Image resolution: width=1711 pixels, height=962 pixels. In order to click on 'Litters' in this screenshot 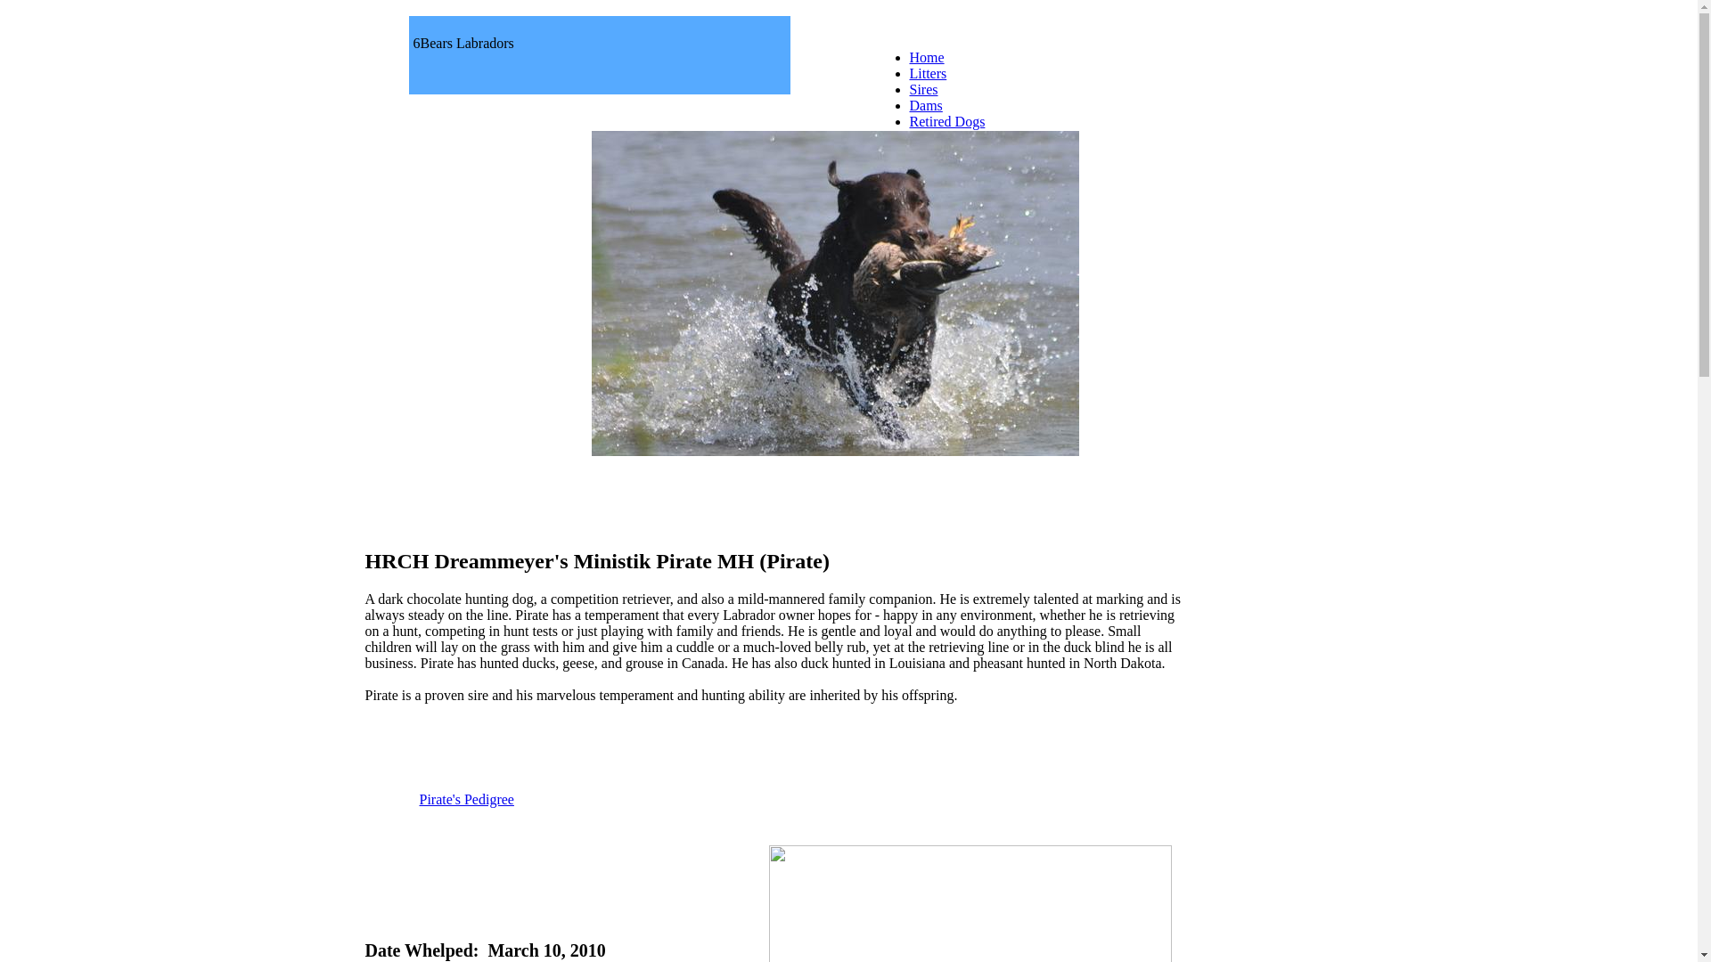, I will do `click(908, 72)`.